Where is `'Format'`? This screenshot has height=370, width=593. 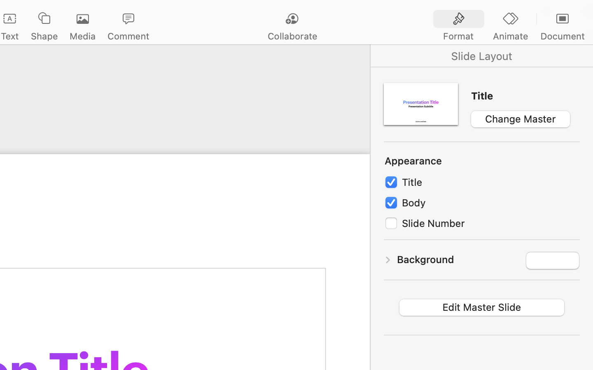 'Format' is located at coordinates (458, 36).